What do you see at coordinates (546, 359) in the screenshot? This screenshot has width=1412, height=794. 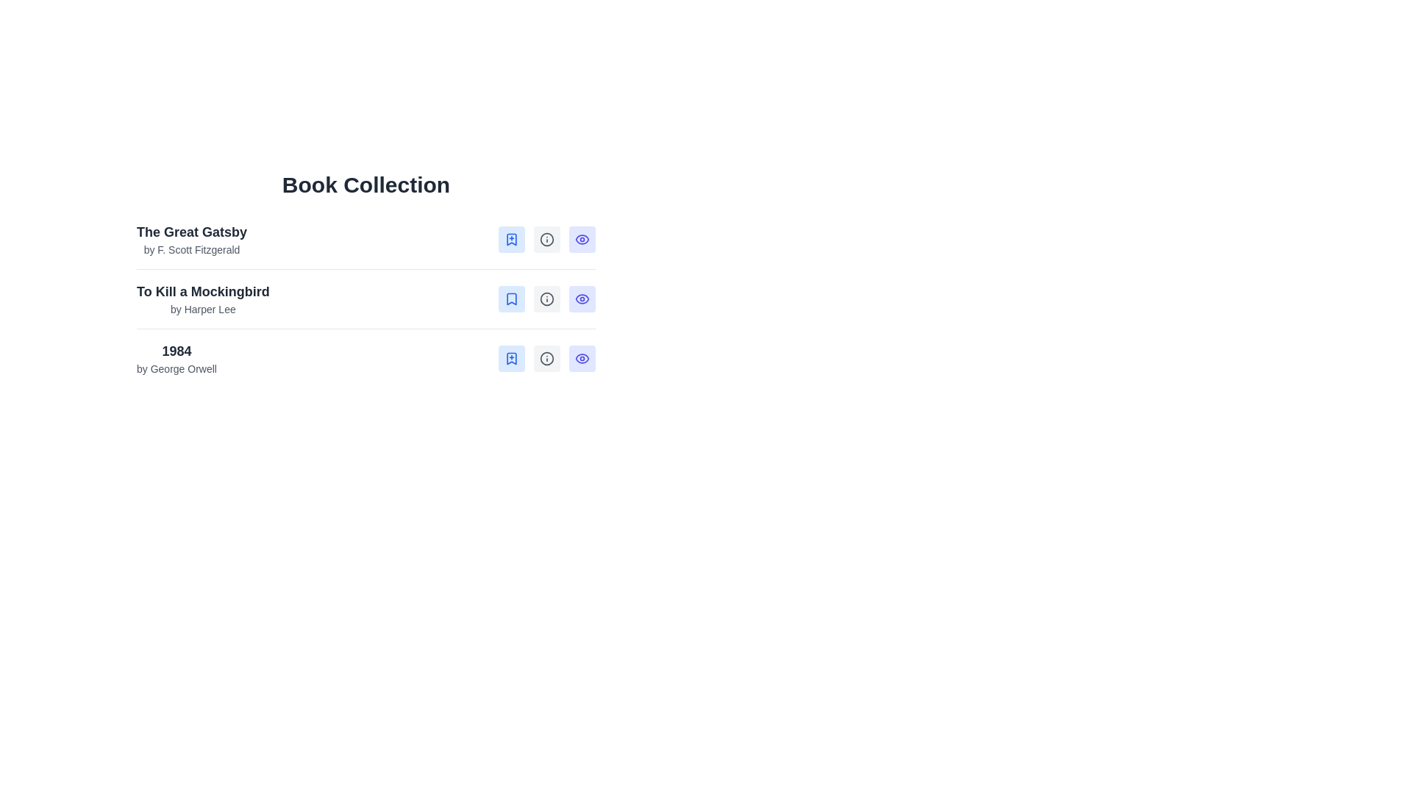 I see `the circular SVG component styled with a stroke width of 2, located within the 'info' icon button of the 'Book Collection' list for the book titled '1984'` at bounding box center [546, 359].